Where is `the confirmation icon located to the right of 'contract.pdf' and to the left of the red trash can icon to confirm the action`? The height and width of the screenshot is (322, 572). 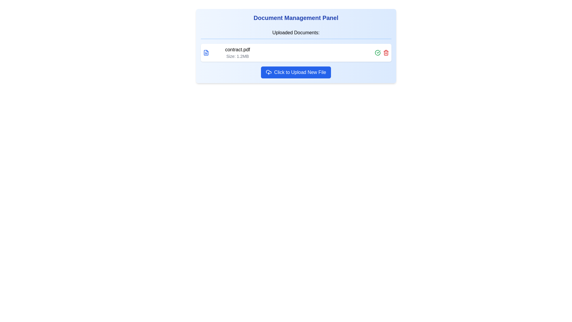 the confirmation icon located to the right of 'contract.pdf' and to the left of the red trash can icon to confirm the action is located at coordinates (377, 52).